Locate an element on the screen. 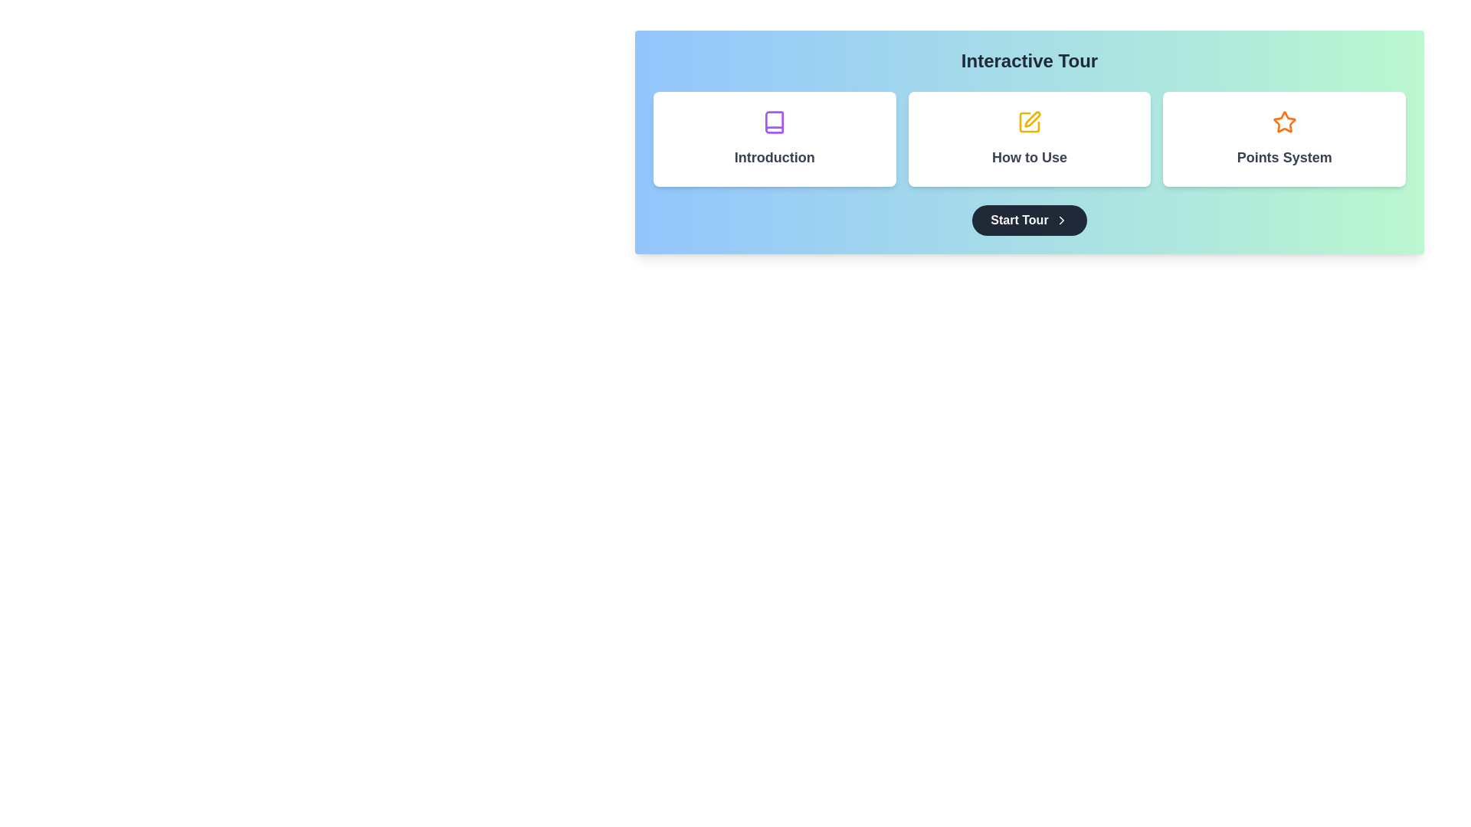  the rounded 'Start Tour' button with dark background and white text is located at coordinates (1030, 221).